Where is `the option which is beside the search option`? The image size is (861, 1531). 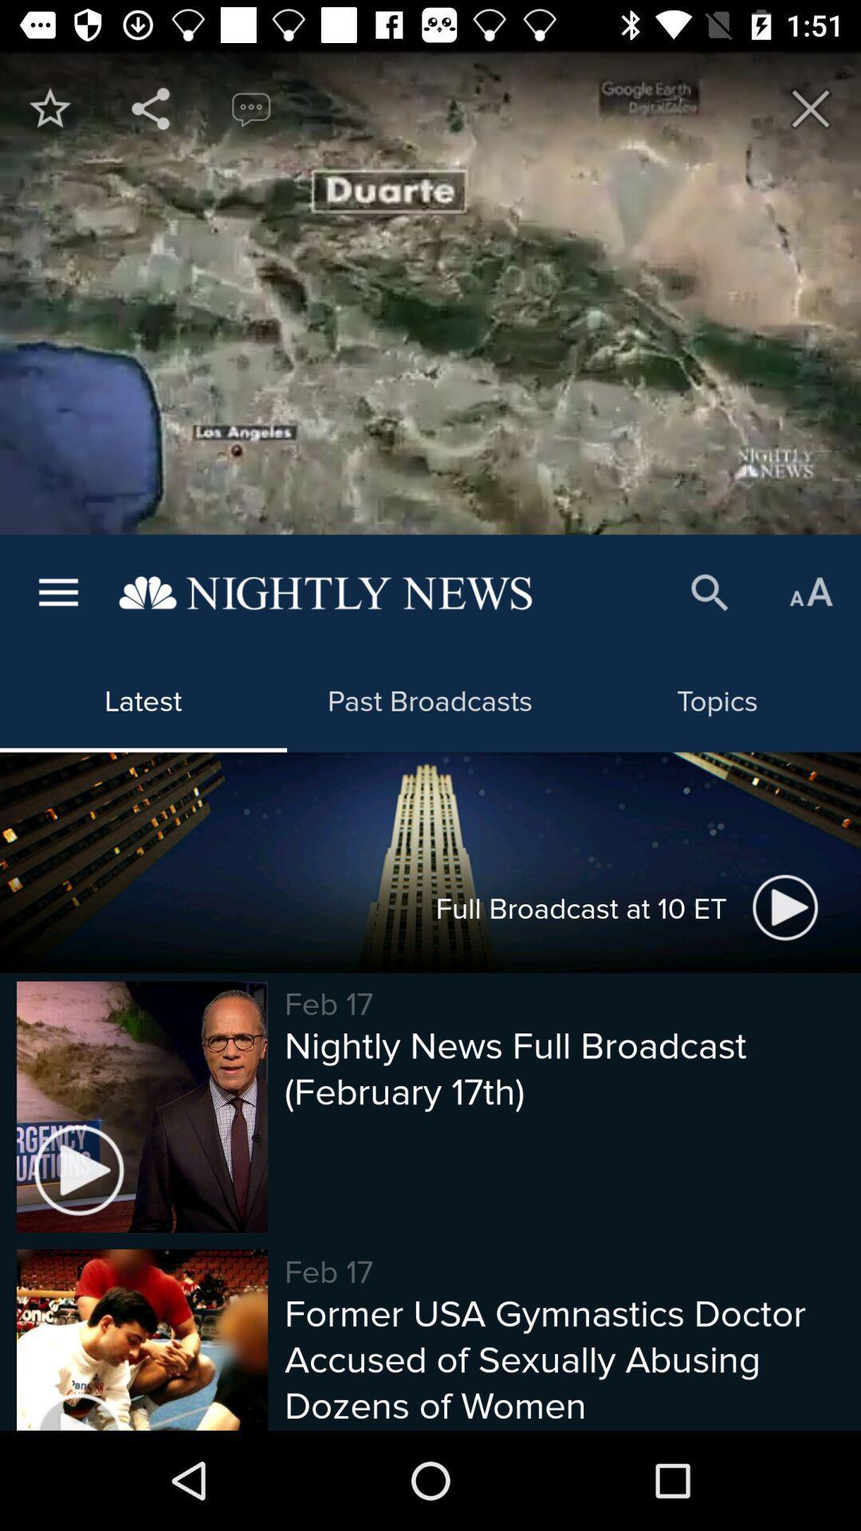 the option which is beside the search option is located at coordinates (811, 592).